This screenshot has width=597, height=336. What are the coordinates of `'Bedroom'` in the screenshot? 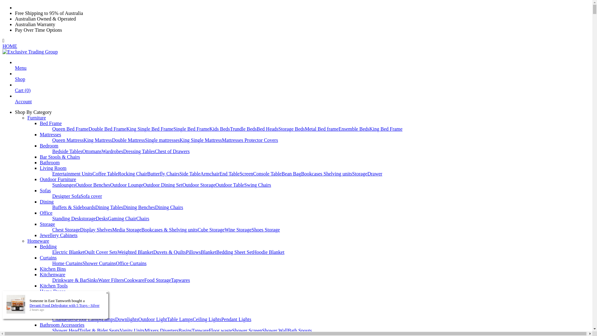 It's located at (49, 146).